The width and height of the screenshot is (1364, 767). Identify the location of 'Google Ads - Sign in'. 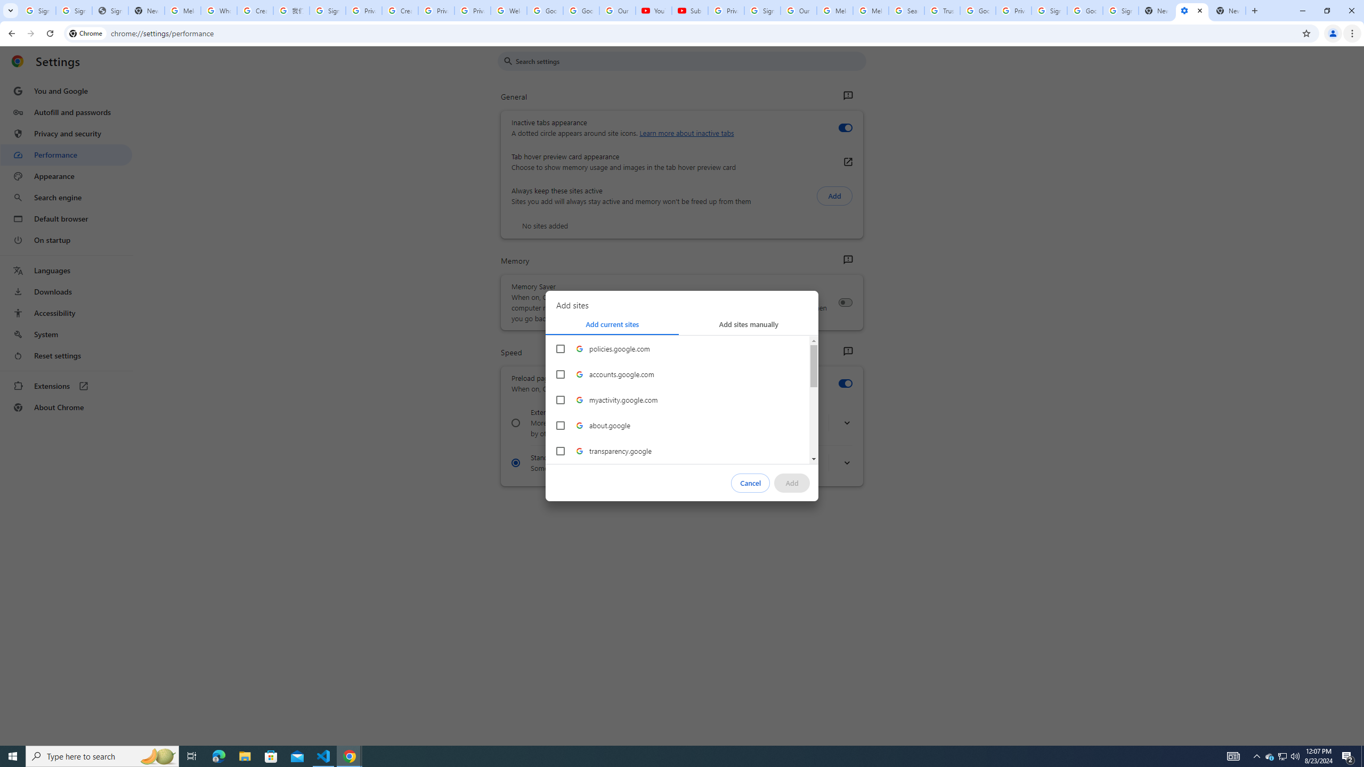
(977, 10).